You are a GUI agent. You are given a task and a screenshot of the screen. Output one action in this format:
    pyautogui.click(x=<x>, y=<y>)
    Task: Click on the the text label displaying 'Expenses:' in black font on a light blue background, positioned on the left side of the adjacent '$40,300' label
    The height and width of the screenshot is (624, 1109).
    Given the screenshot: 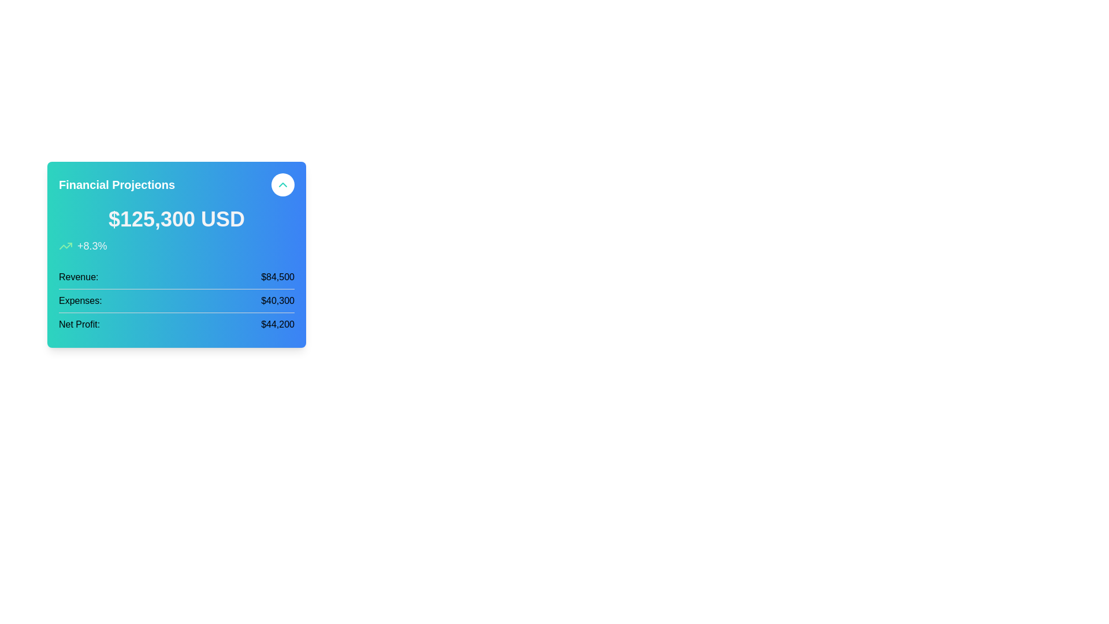 What is the action you would take?
    pyautogui.click(x=80, y=300)
    